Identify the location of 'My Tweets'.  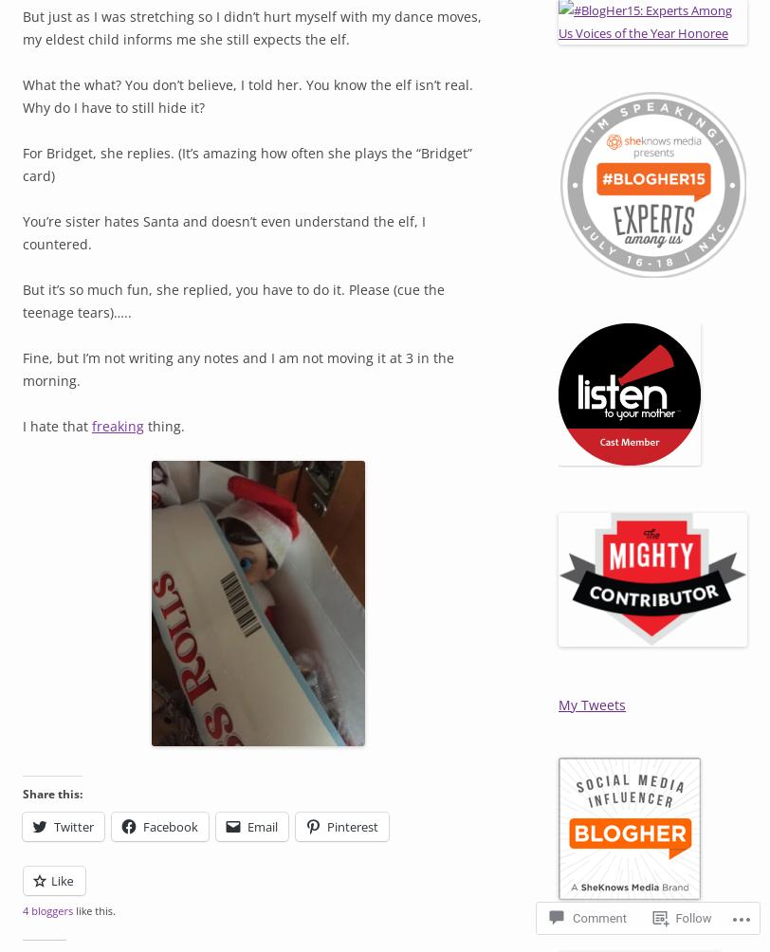
(592, 704).